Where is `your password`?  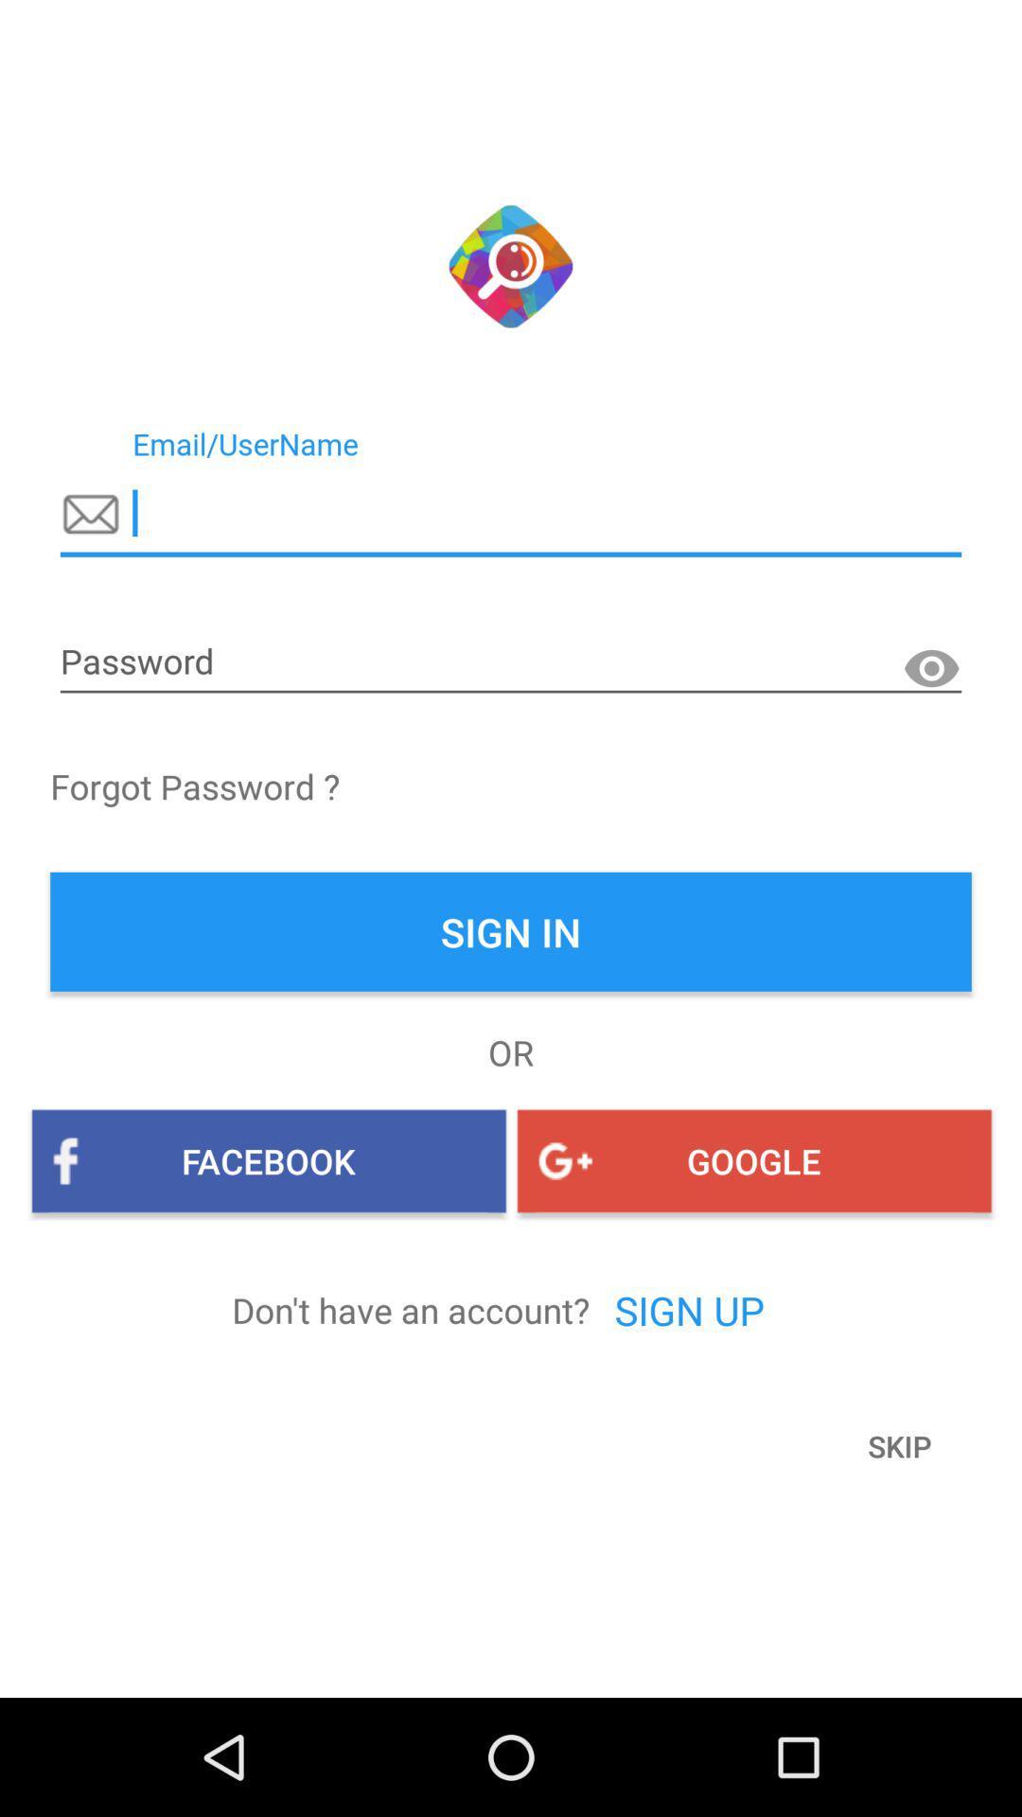 your password is located at coordinates (511, 662).